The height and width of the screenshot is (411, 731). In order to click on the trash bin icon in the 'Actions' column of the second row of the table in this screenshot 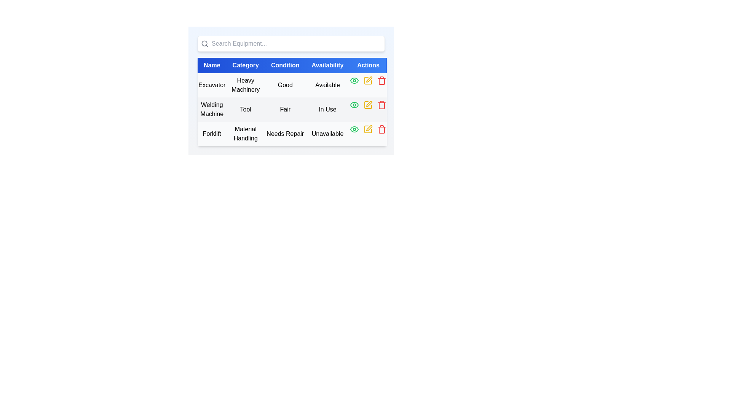, I will do `click(382, 105)`.